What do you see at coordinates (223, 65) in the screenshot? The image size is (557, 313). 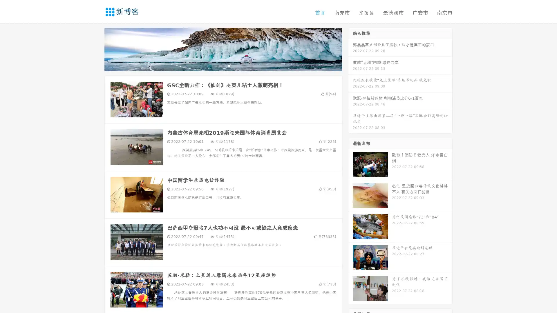 I see `Go to slide 2` at bounding box center [223, 65].